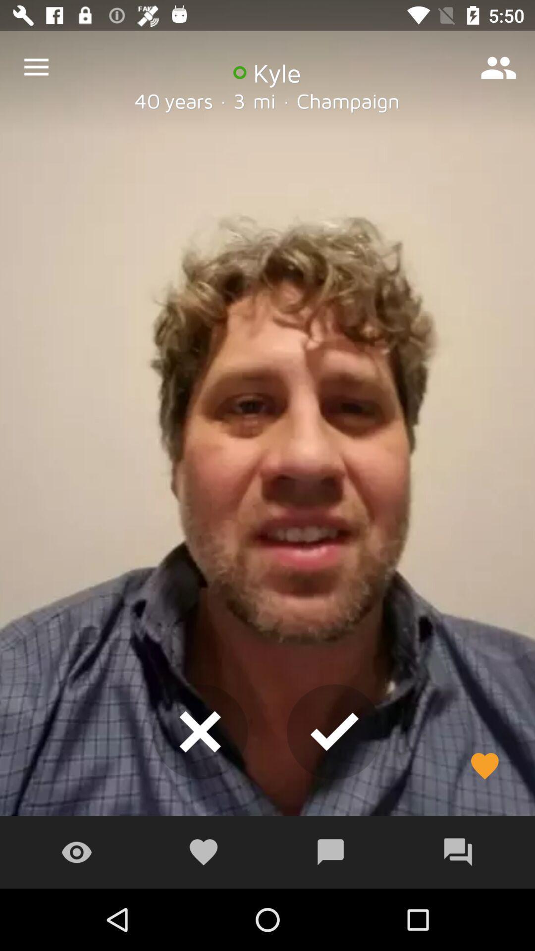 This screenshot has width=535, height=951. What do you see at coordinates (203, 852) in the screenshot?
I see `like icon which is to the right of view icon` at bounding box center [203, 852].